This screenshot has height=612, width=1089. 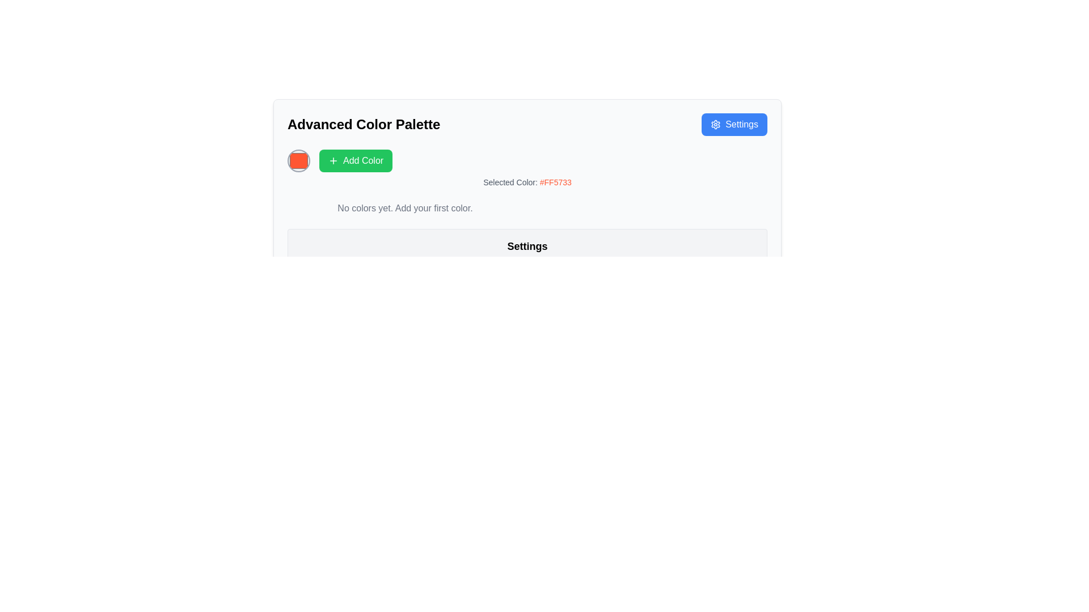 I want to click on displayed information about colors from the color palette management panel, which is centrally positioned and bordered by a white background, so click(x=527, y=196).